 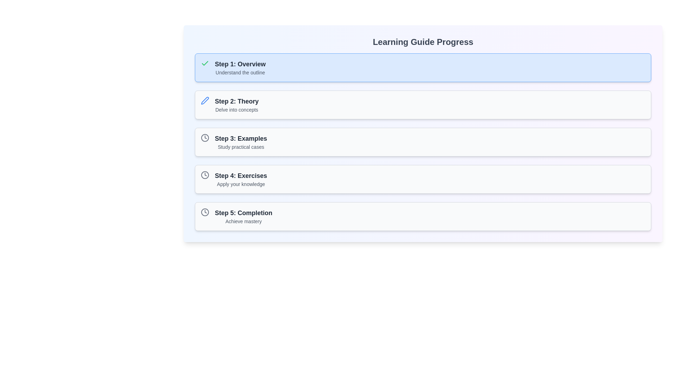 What do you see at coordinates (422, 67) in the screenshot?
I see `the first informational card in the 'Learning Guide Progress' section, which provides a description of a specific step in the process` at bounding box center [422, 67].